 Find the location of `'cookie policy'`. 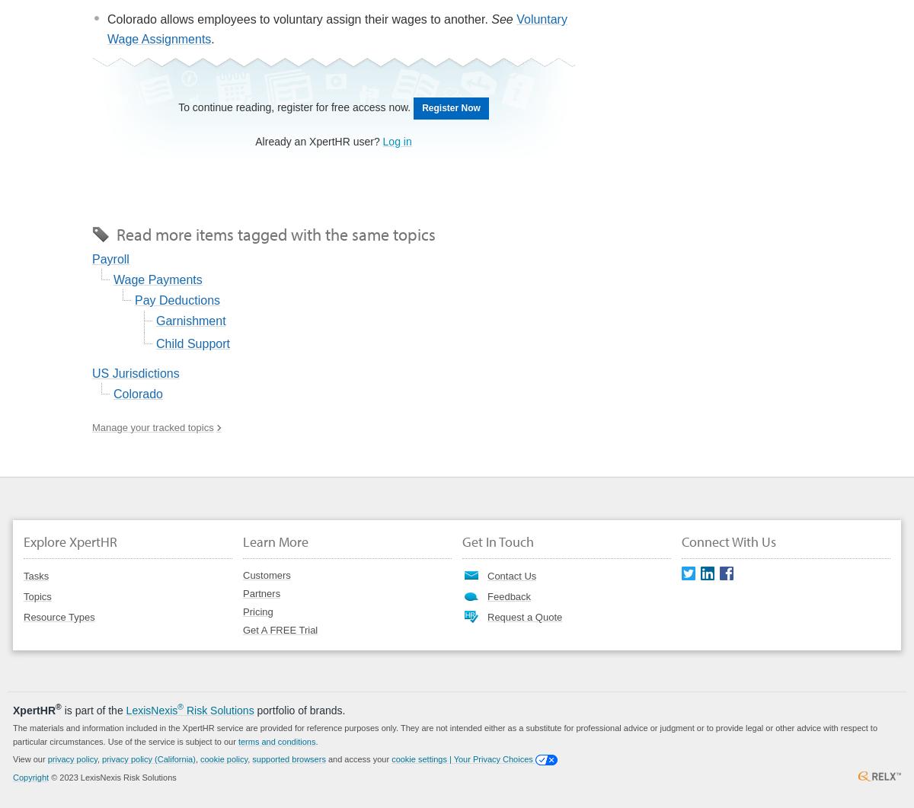

'cookie policy' is located at coordinates (223, 758).